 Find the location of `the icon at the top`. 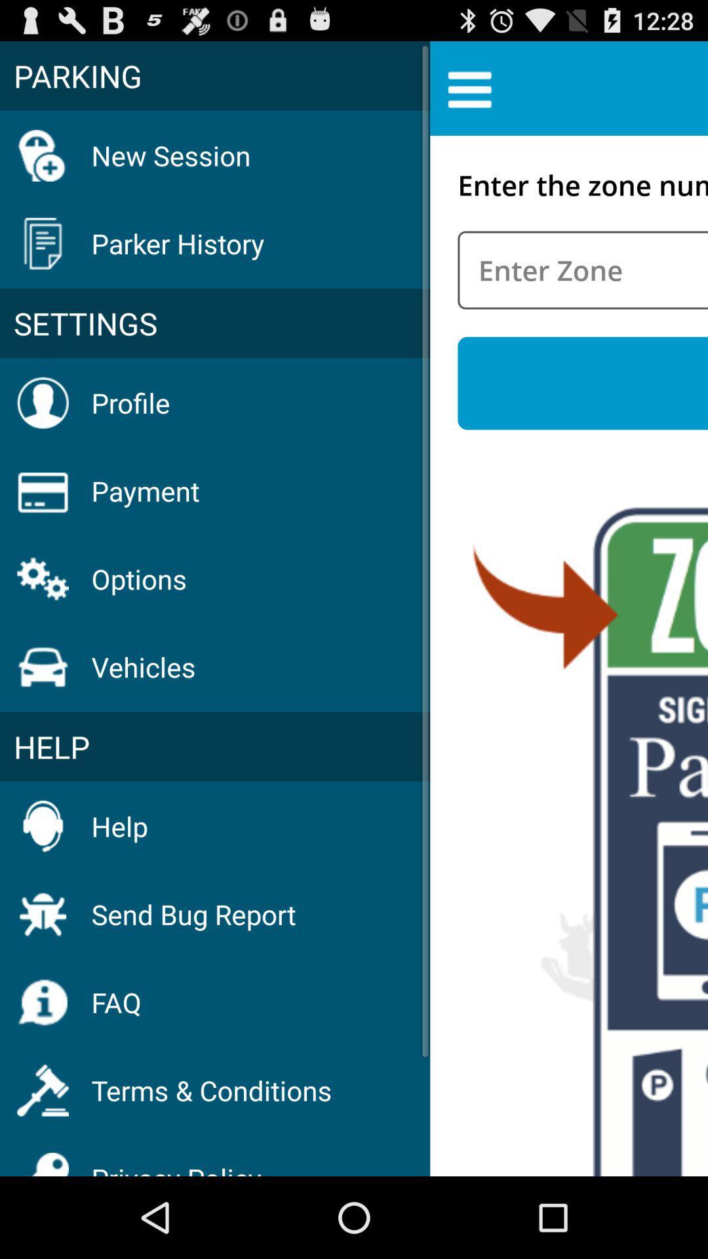

the icon at the top is located at coordinates (469, 87).